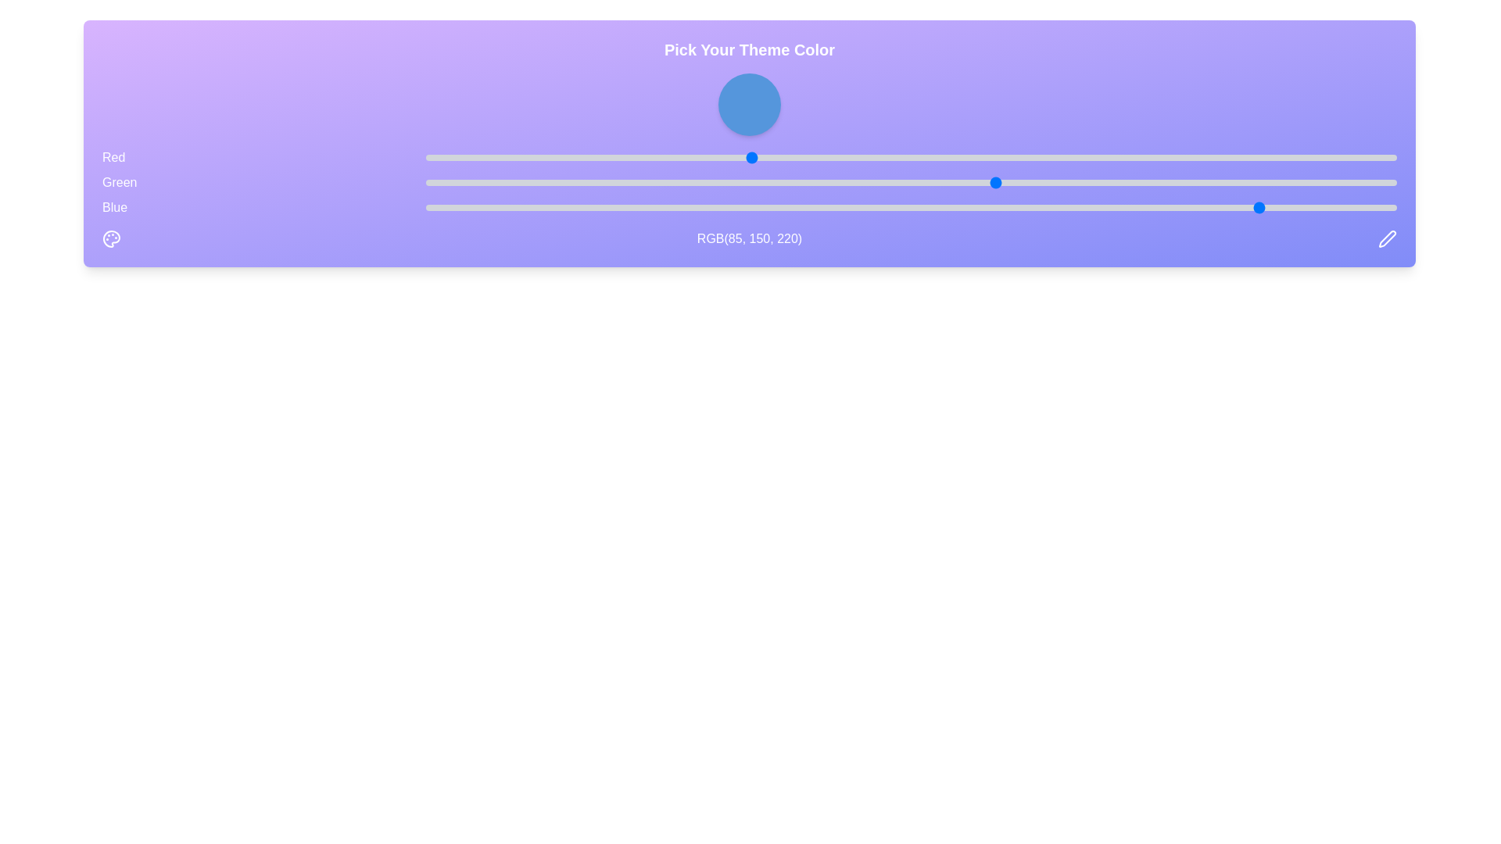 This screenshot has width=1501, height=844. Describe the element at coordinates (749, 182) in the screenshot. I see `the horizontal slider labeled 'Green'` at that location.